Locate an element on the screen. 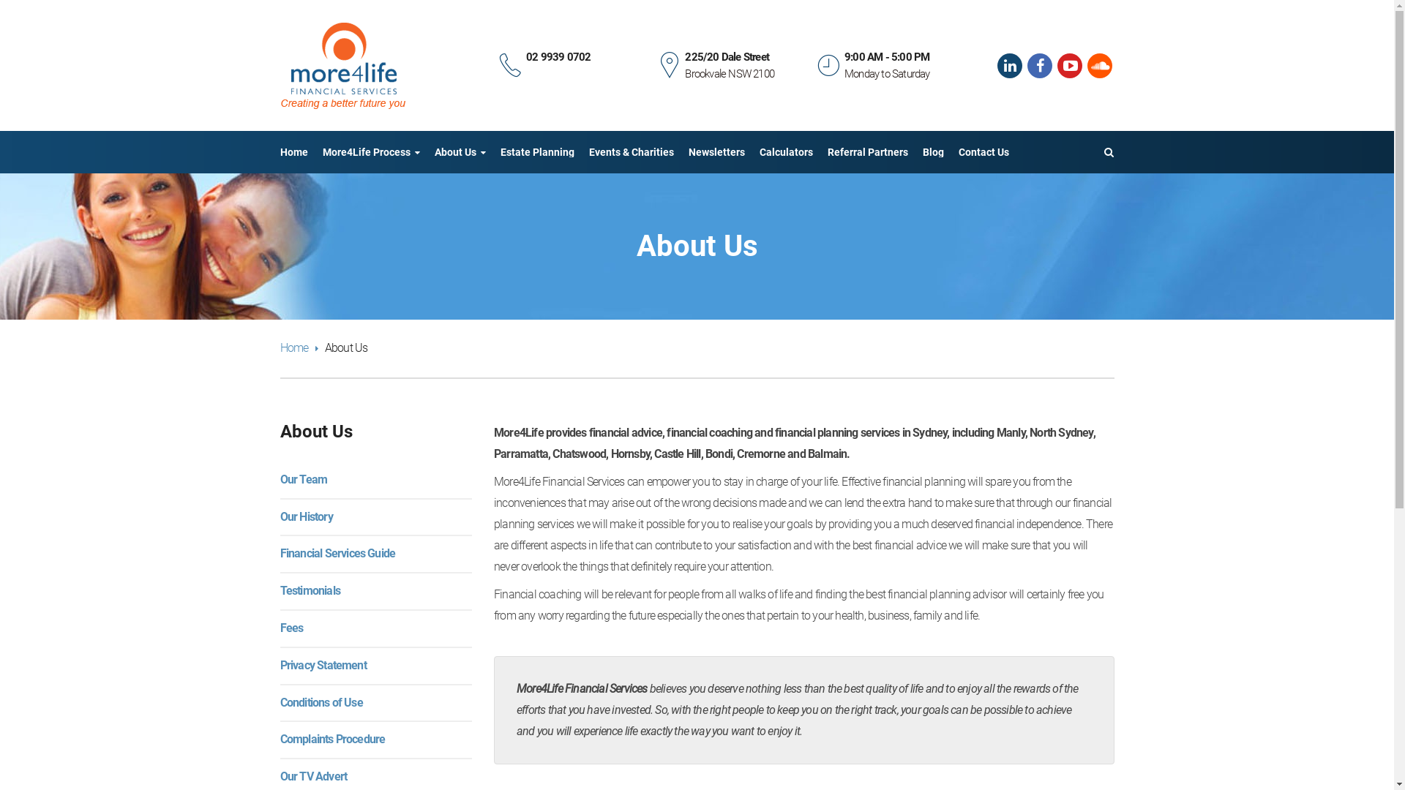  'Referral Partners' is located at coordinates (867, 152).